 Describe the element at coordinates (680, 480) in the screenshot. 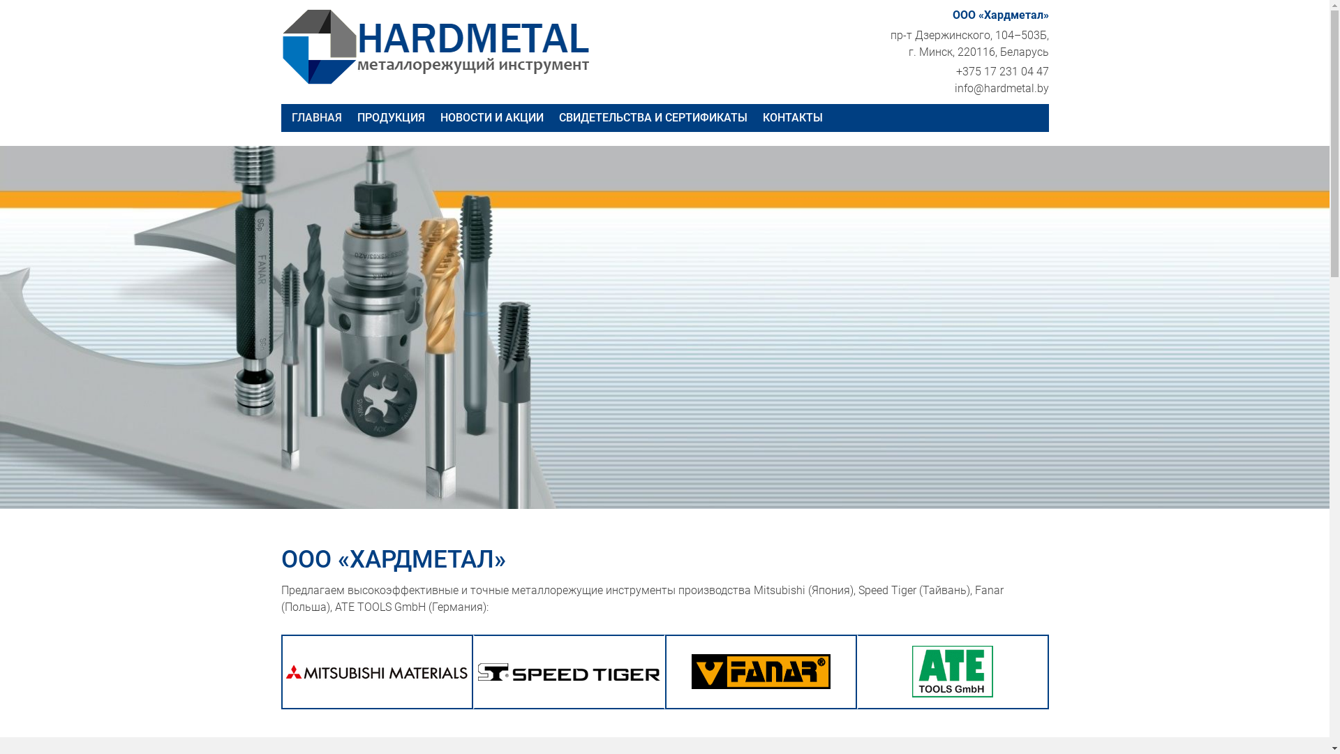

I see `'4'` at that location.